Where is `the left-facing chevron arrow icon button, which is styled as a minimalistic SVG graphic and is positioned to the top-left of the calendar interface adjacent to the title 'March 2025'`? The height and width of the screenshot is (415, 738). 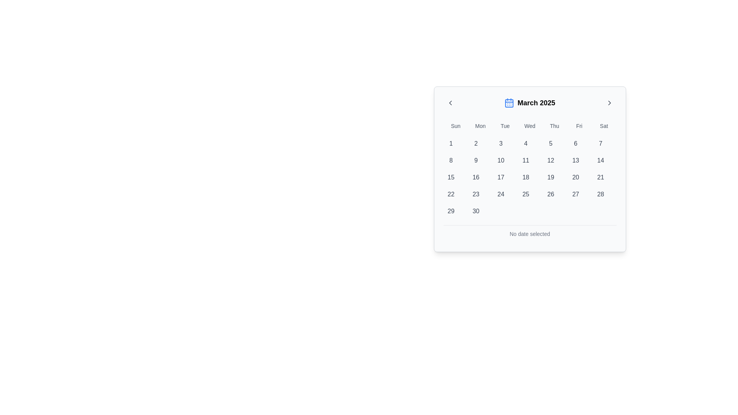 the left-facing chevron arrow icon button, which is styled as a minimalistic SVG graphic and is positioned to the top-left of the calendar interface adjacent to the title 'March 2025' is located at coordinates (450, 102).